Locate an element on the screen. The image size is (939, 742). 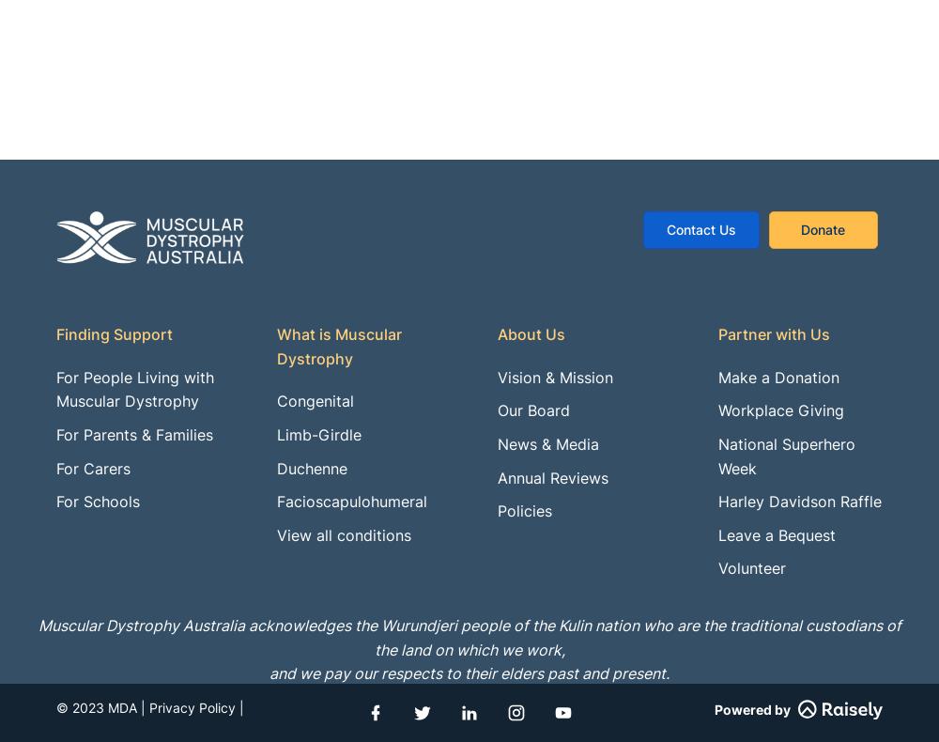
'For Carers' is located at coordinates (92, 468).